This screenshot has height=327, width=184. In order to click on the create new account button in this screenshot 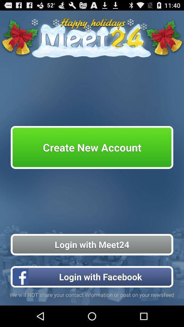, I will do `click(92, 147)`.